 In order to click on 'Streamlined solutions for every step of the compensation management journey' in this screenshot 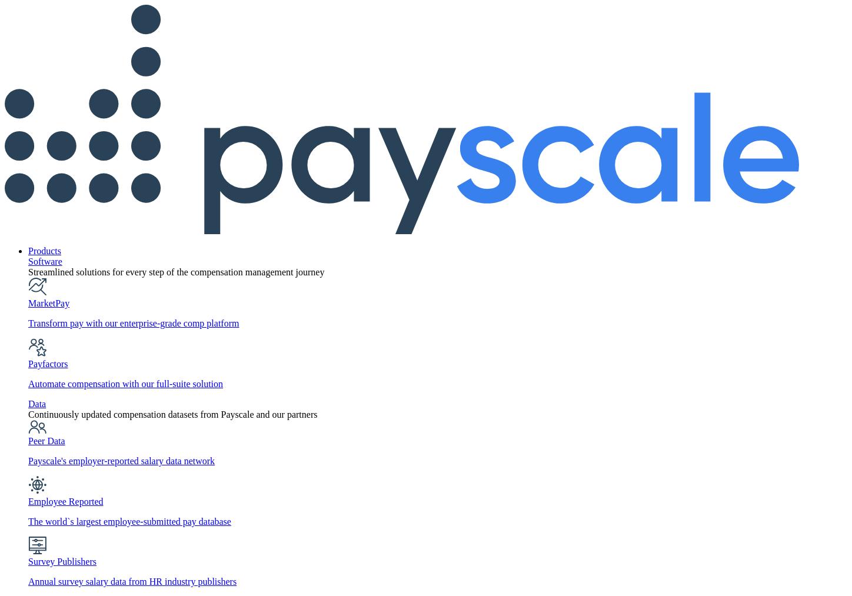, I will do `click(175, 271)`.